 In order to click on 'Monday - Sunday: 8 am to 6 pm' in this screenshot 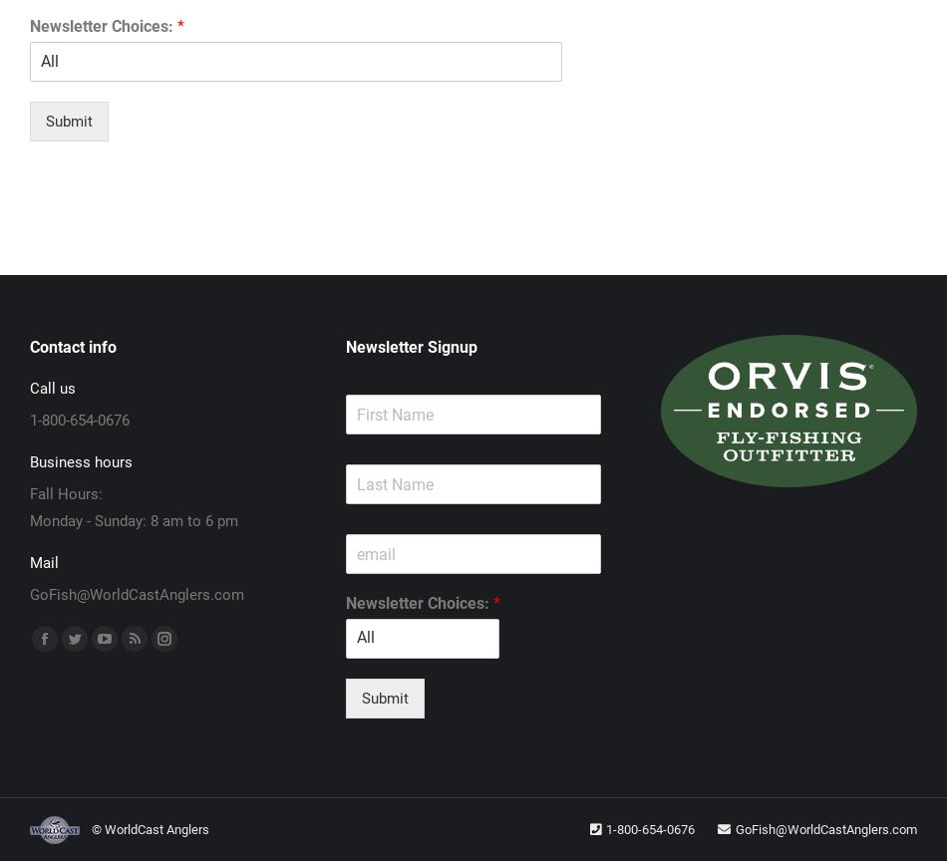, I will do `click(134, 520)`.